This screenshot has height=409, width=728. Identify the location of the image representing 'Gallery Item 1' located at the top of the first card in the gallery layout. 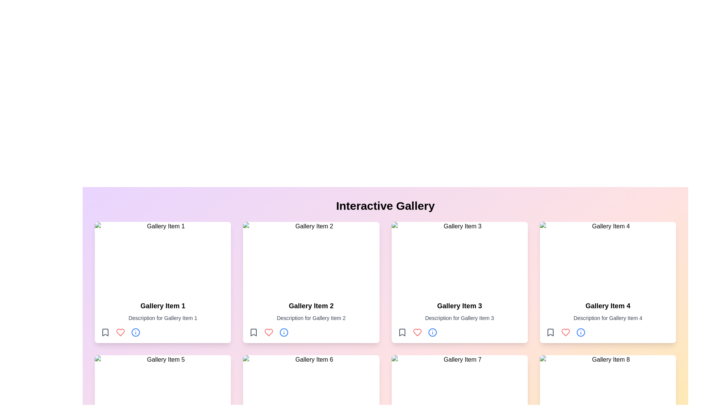
(162, 258).